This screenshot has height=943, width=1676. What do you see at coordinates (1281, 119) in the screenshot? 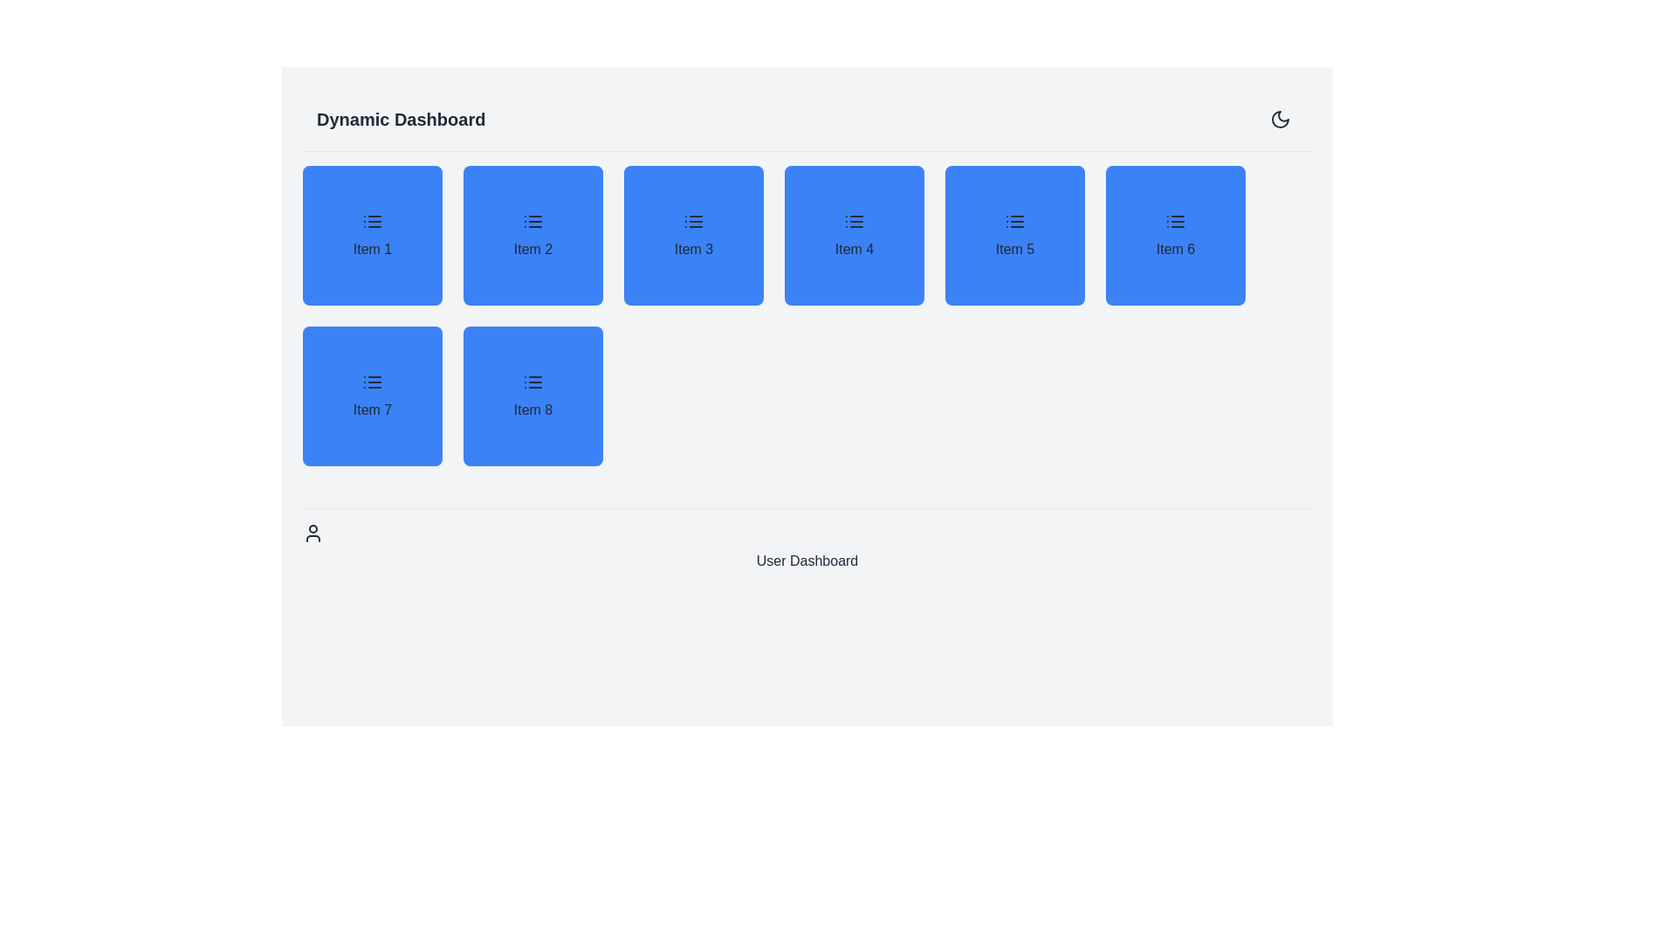
I see `the dark mode toggle icon located in the top-right corner of the interface, adjacent to the dashboard's title text` at bounding box center [1281, 119].